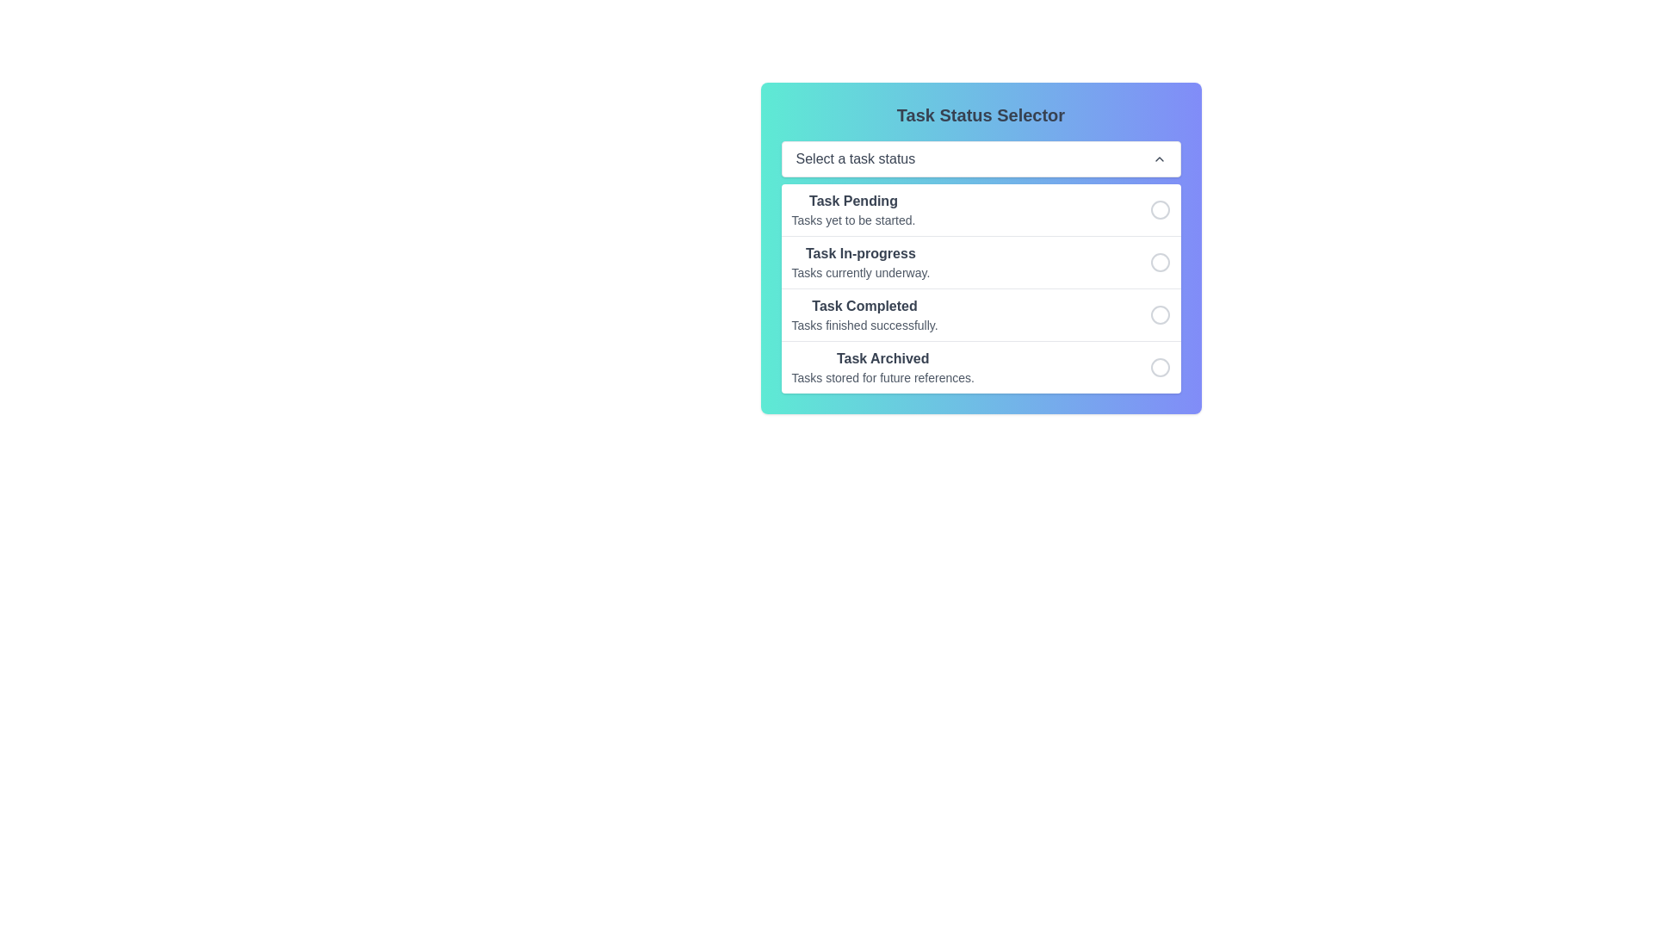  Describe the element at coordinates (1160, 315) in the screenshot. I see `the circular radio button representation in the 'Task Completed' section of the 'Task Status Selector' dropdown list` at that location.